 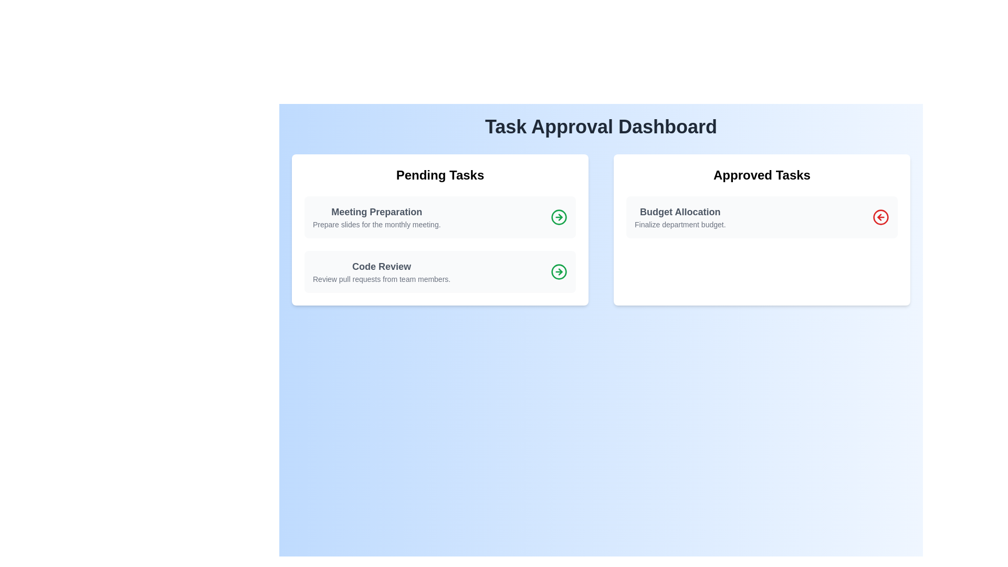 What do you see at coordinates (440, 271) in the screenshot?
I see `the 'Code Review' informational card located` at bounding box center [440, 271].